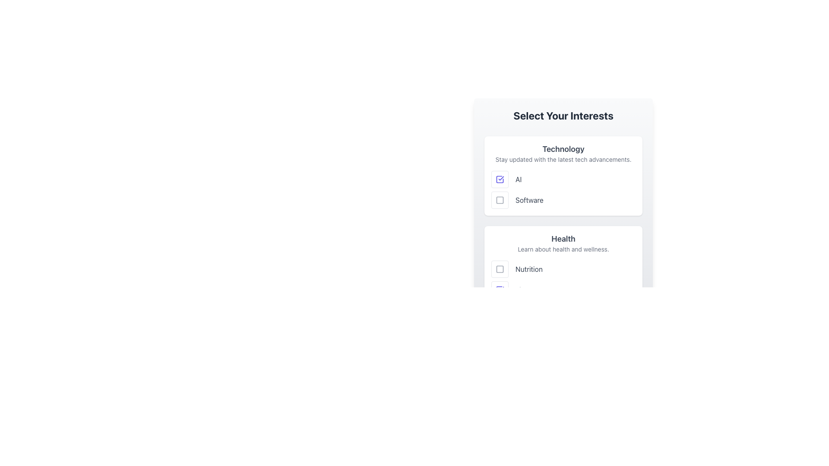 This screenshot has height=466, width=829. What do you see at coordinates (500, 179) in the screenshot?
I see `the selected purple checkbox indicating 'AI'` at bounding box center [500, 179].